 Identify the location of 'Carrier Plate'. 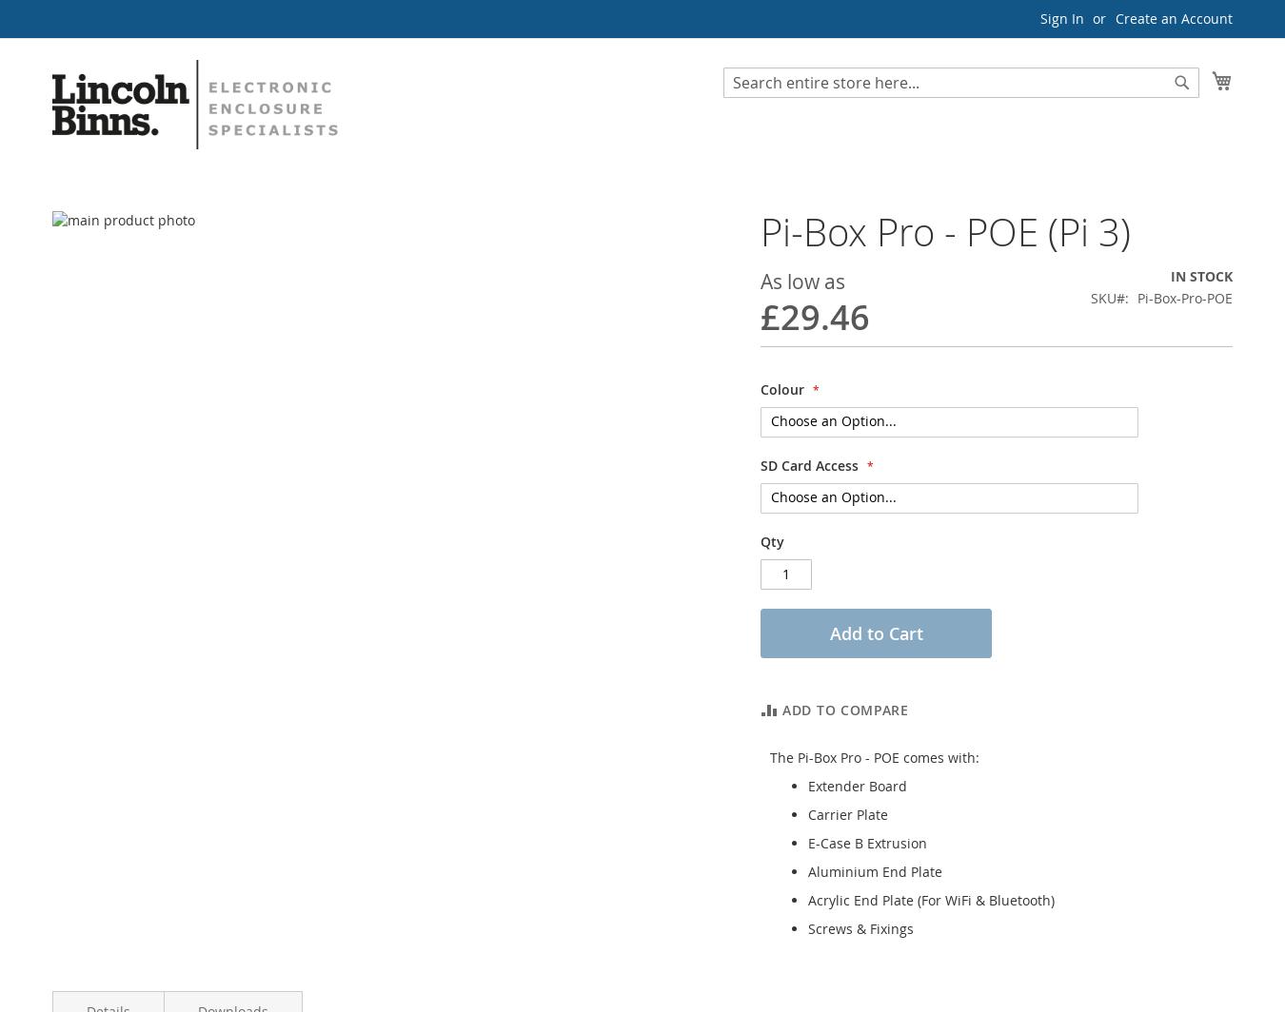
(848, 813).